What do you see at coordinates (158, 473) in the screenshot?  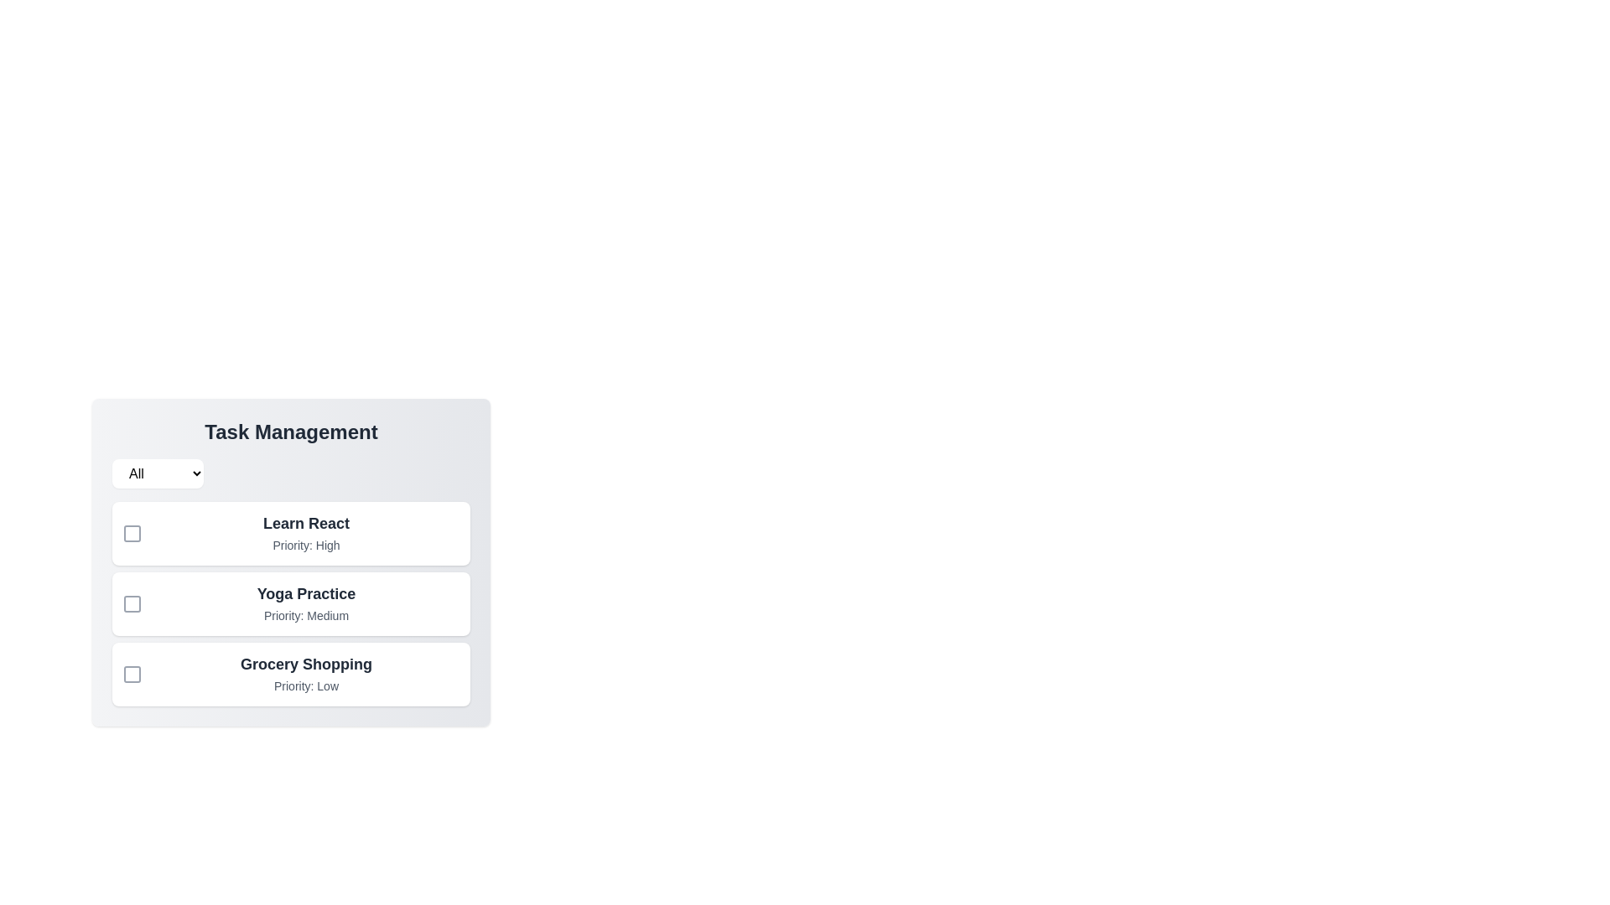 I see `the priority filter to All from the dropdown menu` at bounding box center [158, 473].